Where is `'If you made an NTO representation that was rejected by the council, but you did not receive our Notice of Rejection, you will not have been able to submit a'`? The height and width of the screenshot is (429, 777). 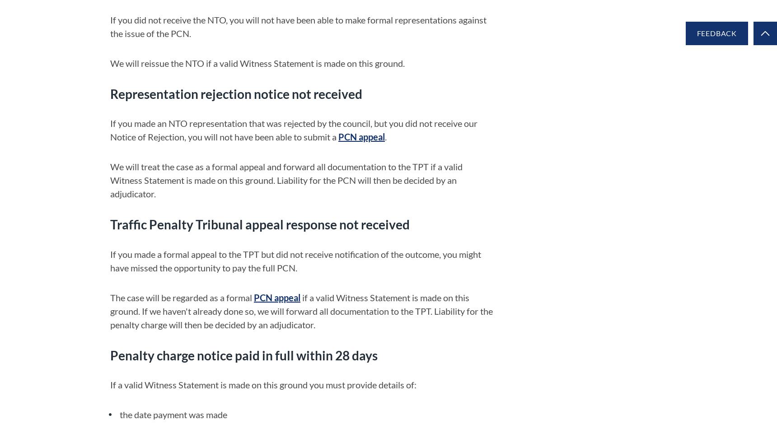 'If you made an NTO representation that was rejected by the council, but you did not receive our Notice of Rejection, you will not have been able to submit a' is located at coordinates (294, 130).